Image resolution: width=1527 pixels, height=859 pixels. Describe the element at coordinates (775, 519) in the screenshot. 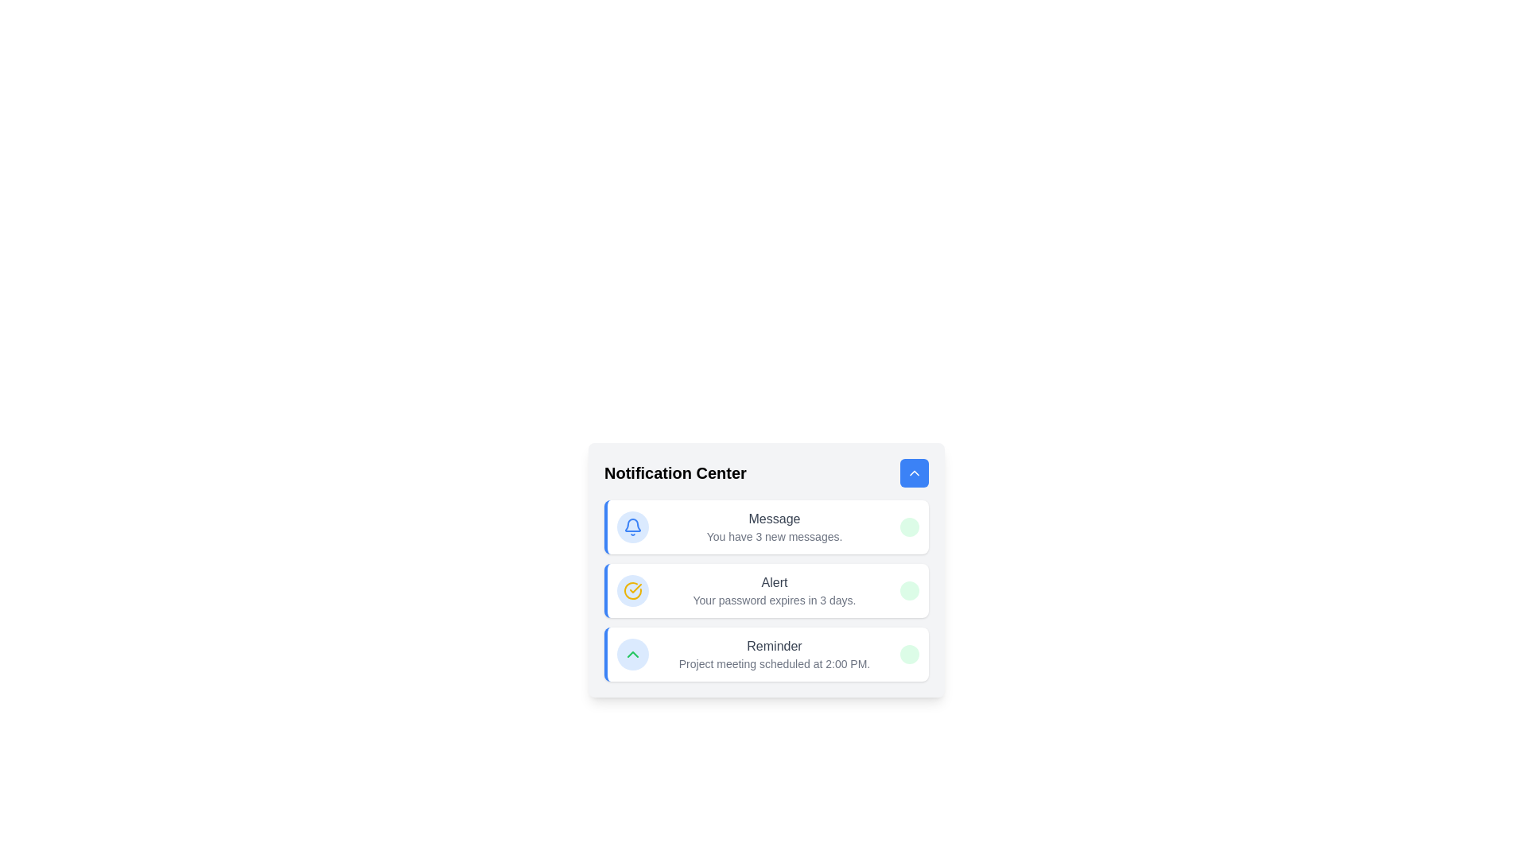

I see `the text label 'Message' styled with a gray font in the Notification Center, located at the top-left of the notification card` at that location.